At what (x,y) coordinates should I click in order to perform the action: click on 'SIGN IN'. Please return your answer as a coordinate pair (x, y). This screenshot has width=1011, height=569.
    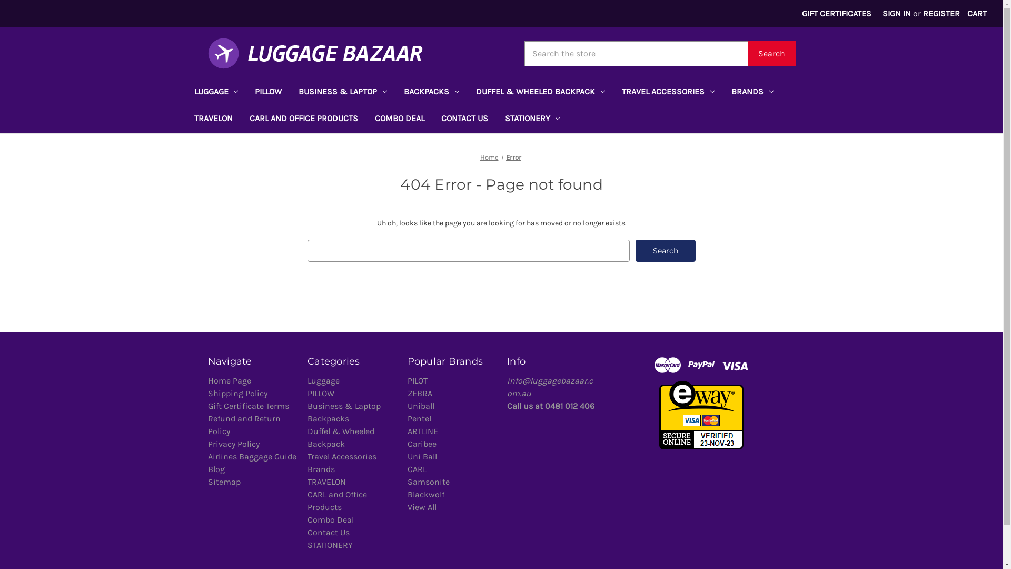
    Looking at the image, I should click on (896, 14).